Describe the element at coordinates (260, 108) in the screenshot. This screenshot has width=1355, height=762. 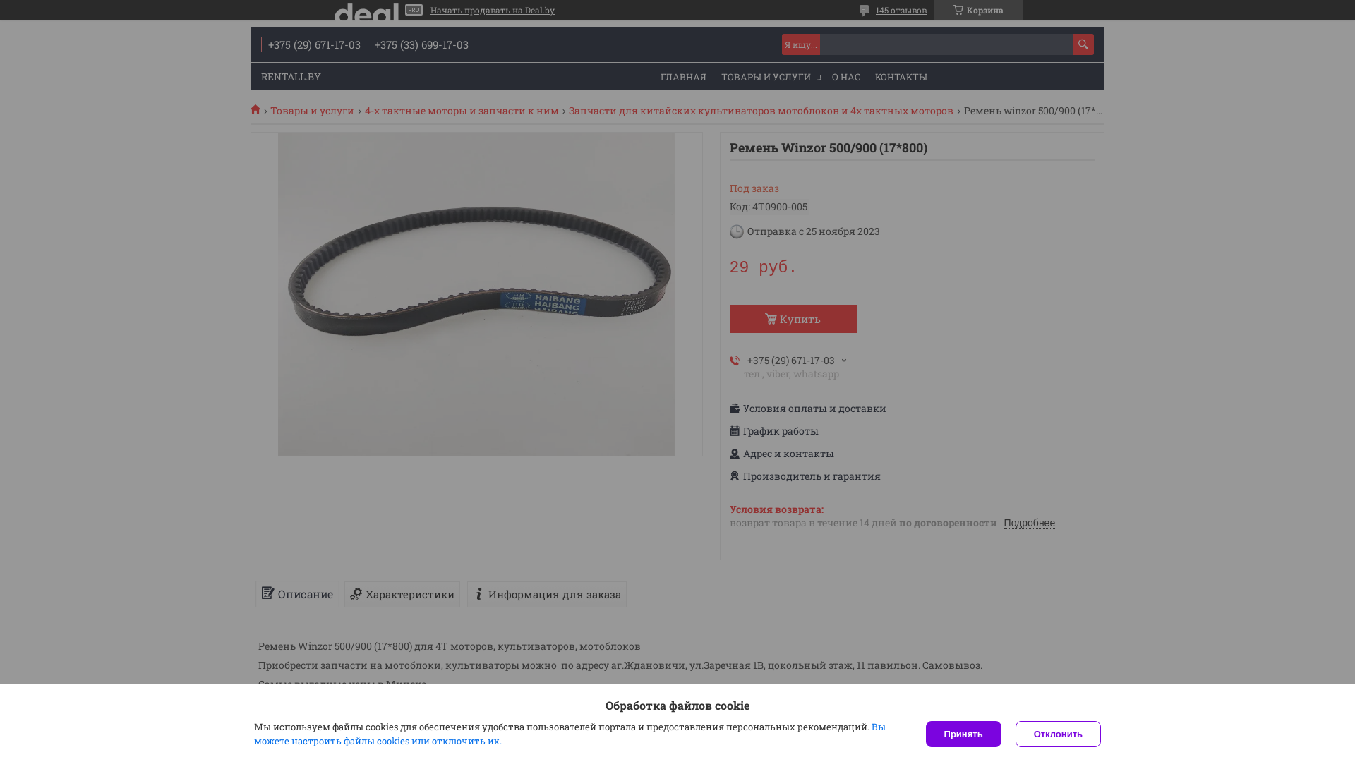
I see `'Rentall.by'` at that location.